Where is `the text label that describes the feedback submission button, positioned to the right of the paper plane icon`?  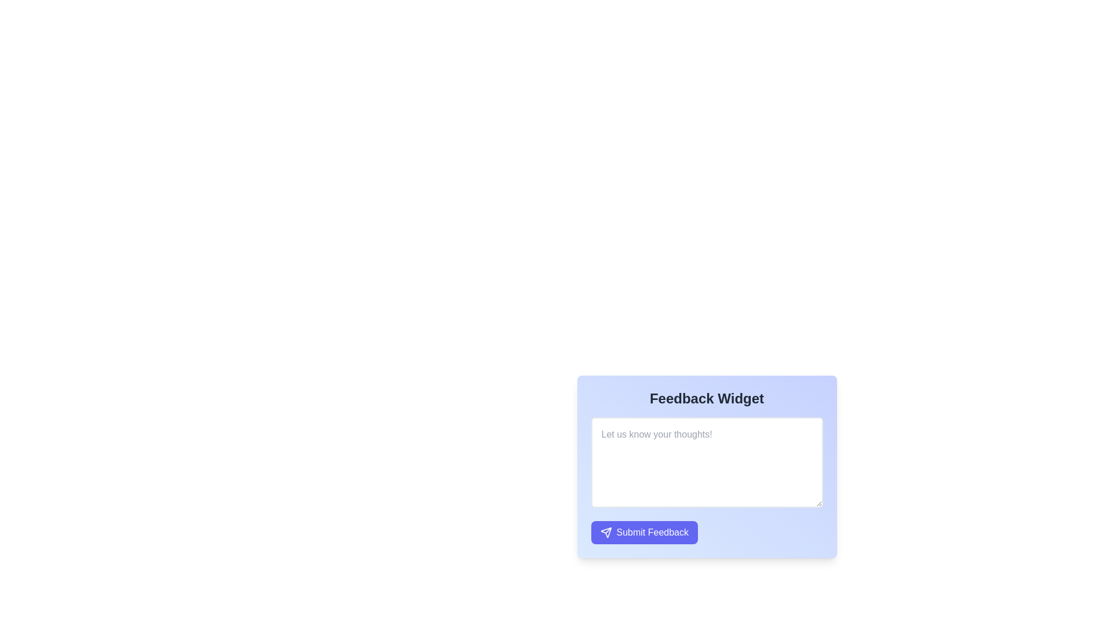 the text label that describes the feedback submission button, positioned to the right of the paper plane icon is located at coordinates (652, 532).